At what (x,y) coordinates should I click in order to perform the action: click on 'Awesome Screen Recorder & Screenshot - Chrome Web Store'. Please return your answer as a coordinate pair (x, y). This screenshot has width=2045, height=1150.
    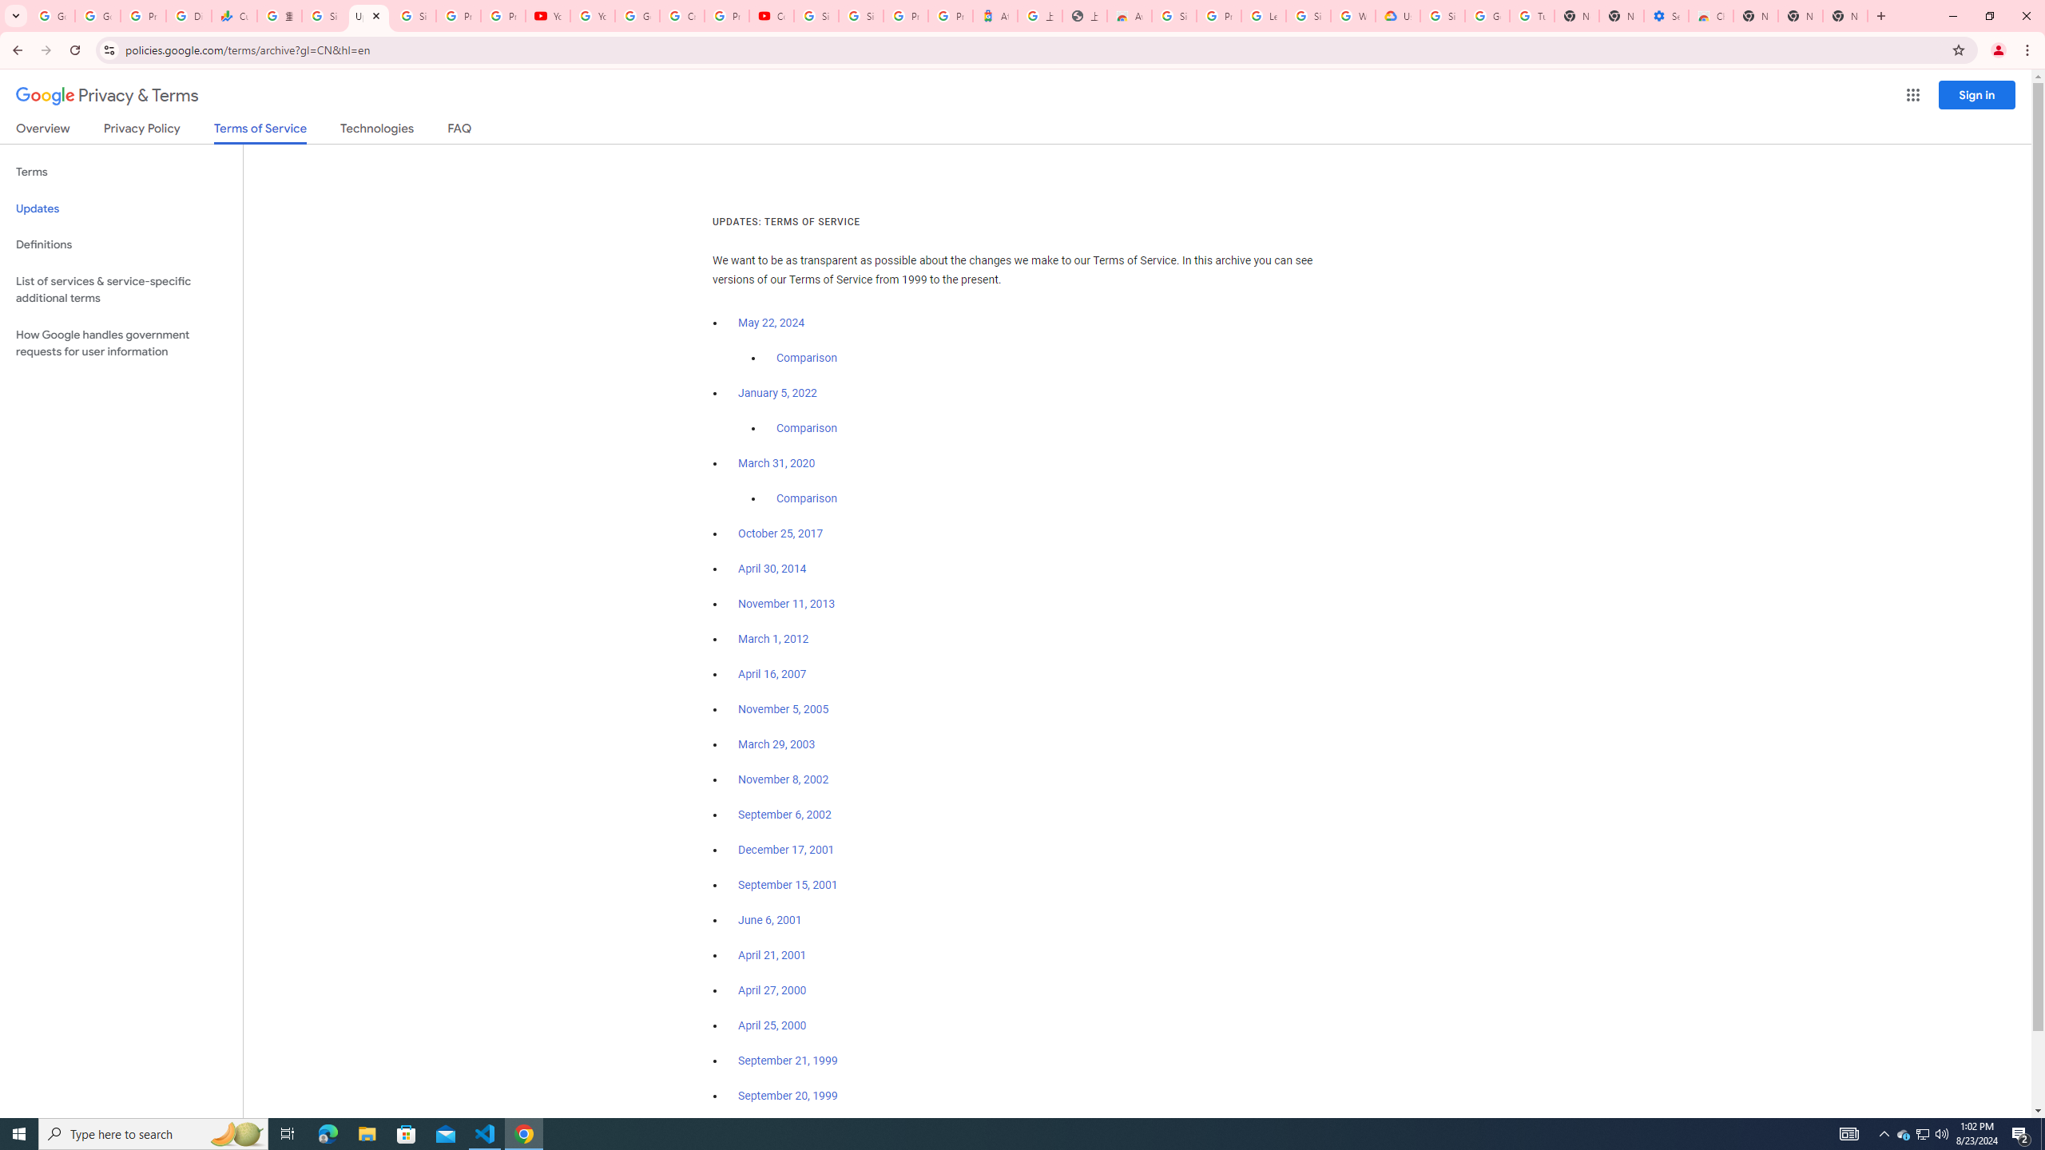
    Looking at the image, I should click on (1130, 15).